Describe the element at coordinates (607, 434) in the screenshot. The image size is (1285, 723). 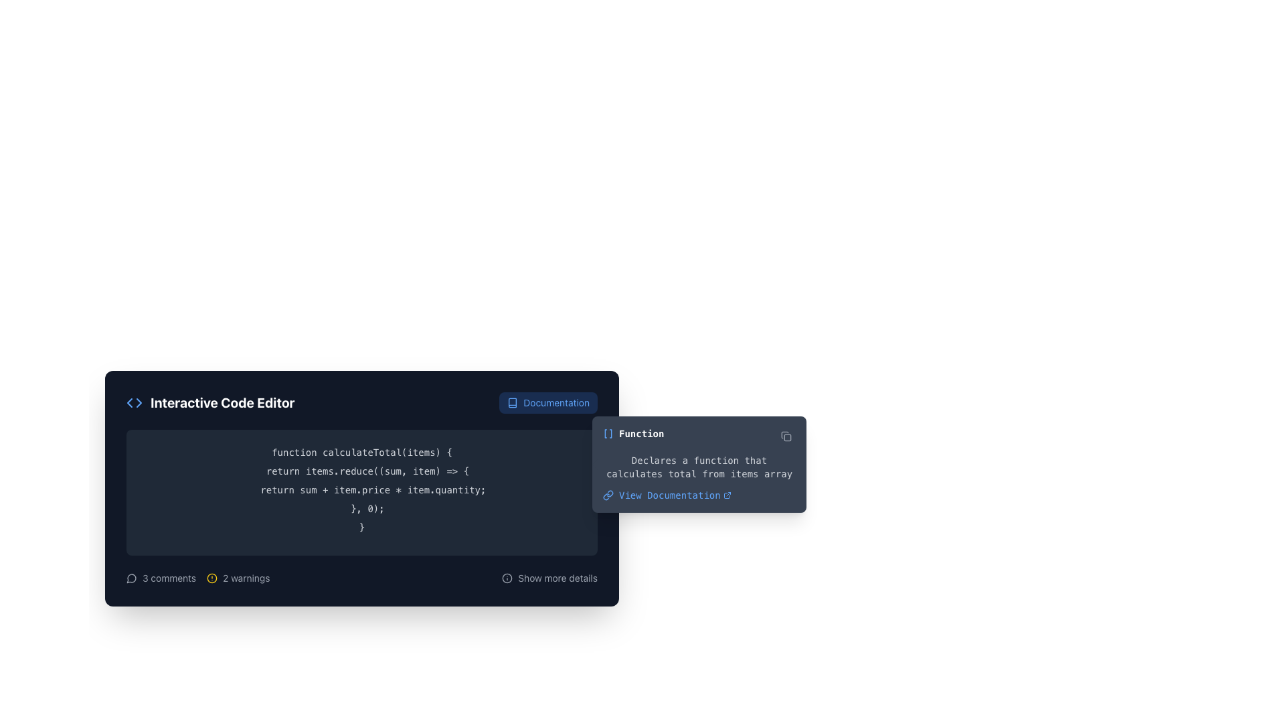
I see `the SVG icon related to the 'Function' text to focus on the associated functionality` at that location.